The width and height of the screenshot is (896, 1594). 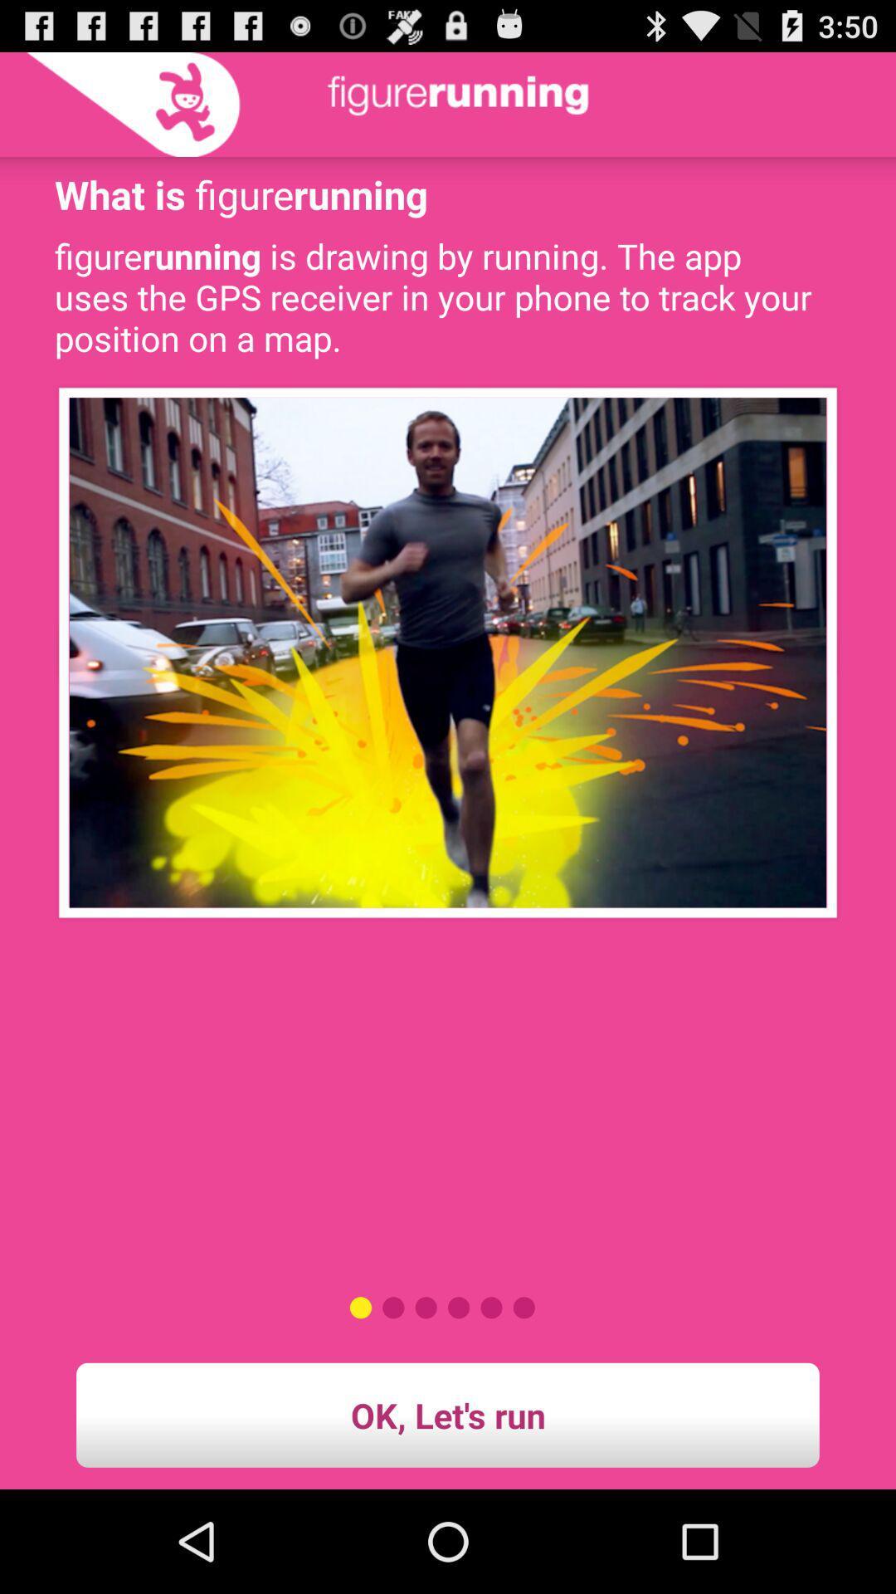 I want to click on the ok let s button, so click(x=448, y=1414).